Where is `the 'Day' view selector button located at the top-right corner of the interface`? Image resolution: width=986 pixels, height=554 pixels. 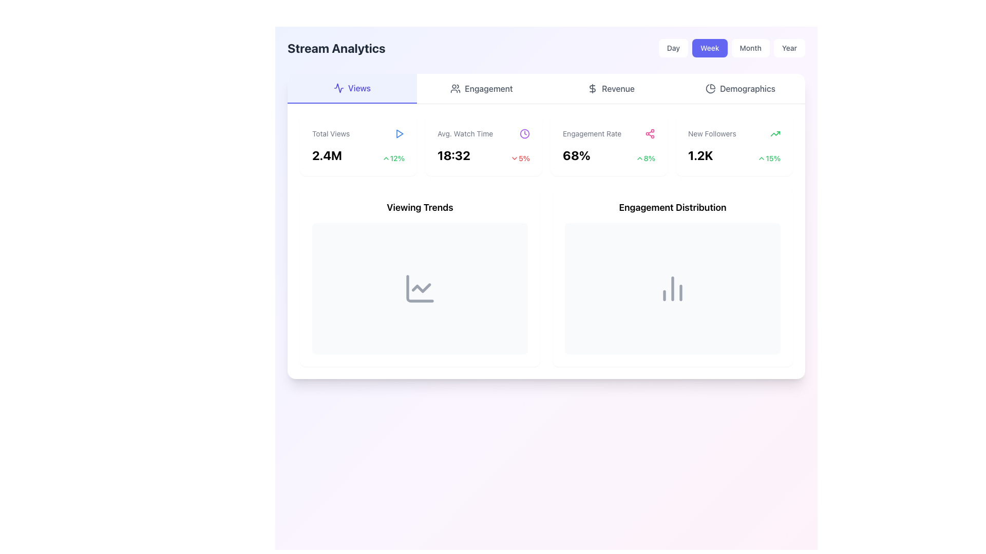 the 'Day' view selector button located at the top-right corner of the interface is located at coordinates (673, 48).